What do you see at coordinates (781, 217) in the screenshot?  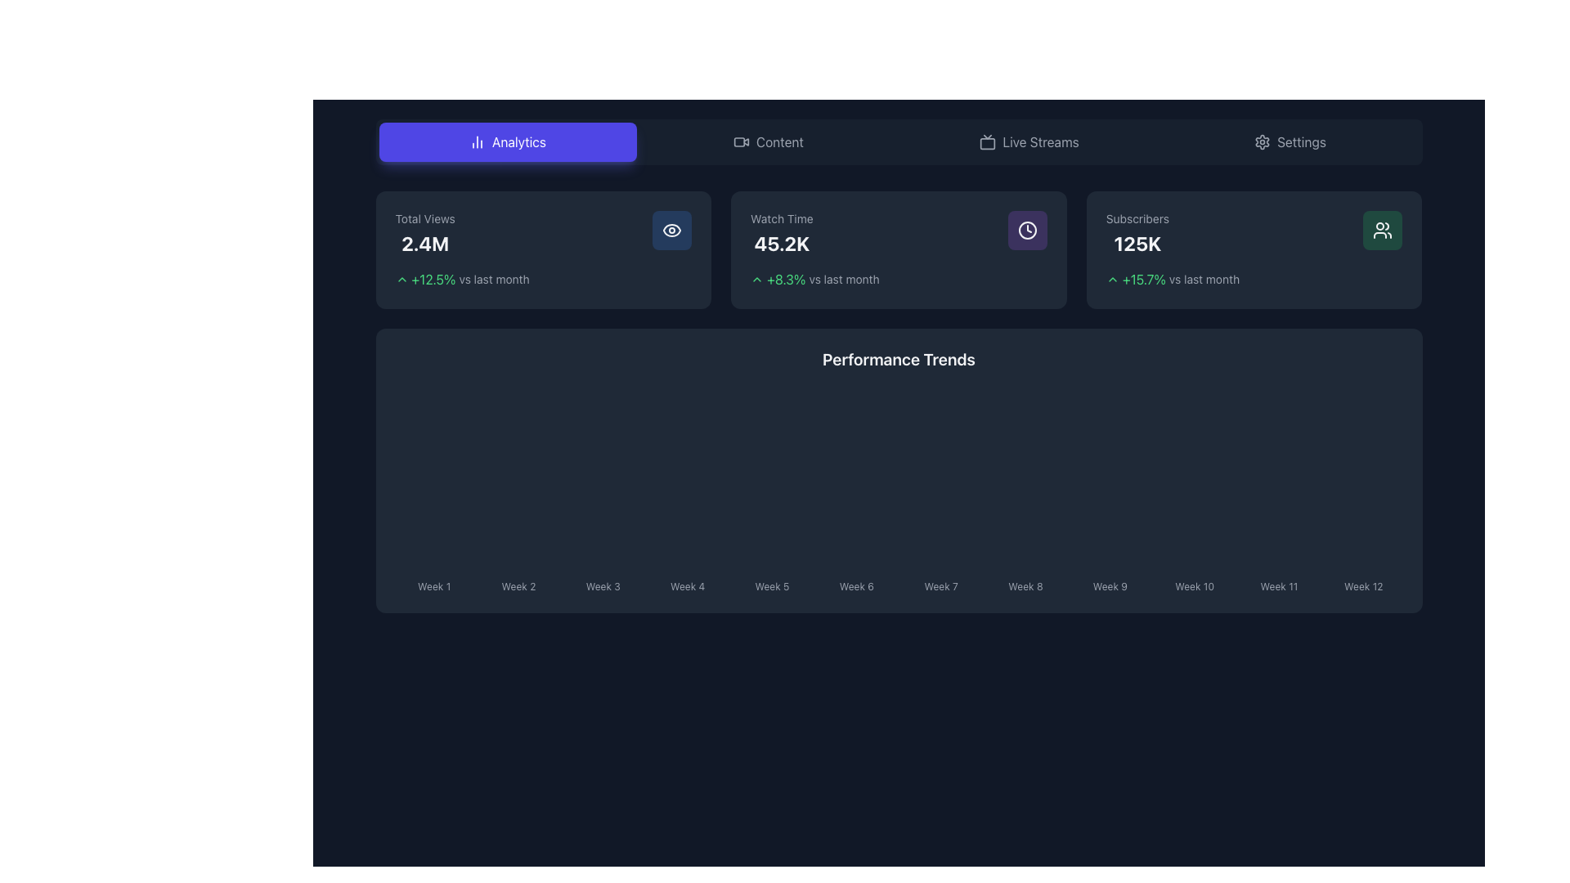 I see `the Text label that provides context for the 'Watch Time' statistic, located at the top-left inside the card component of the dashboard interface` at bounding box center [781, 217].